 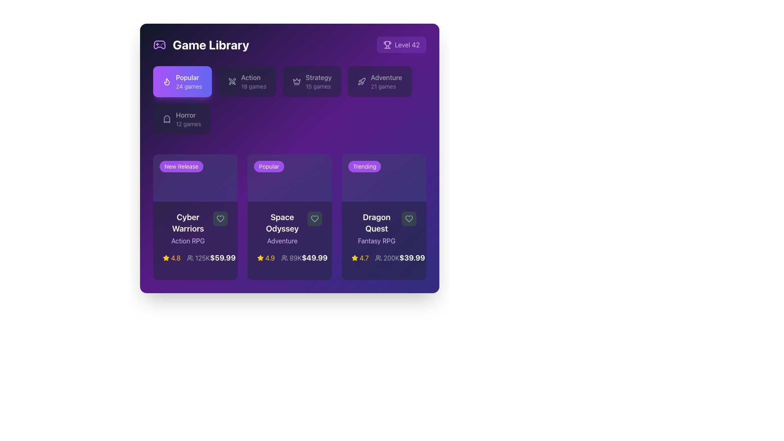 I want to click on the icon representing the number of users or participants associated with the 'Dragon Quest' card, located in the bottom-right corner below the rating stars and to the left of the price, so click(x=387, y=258).